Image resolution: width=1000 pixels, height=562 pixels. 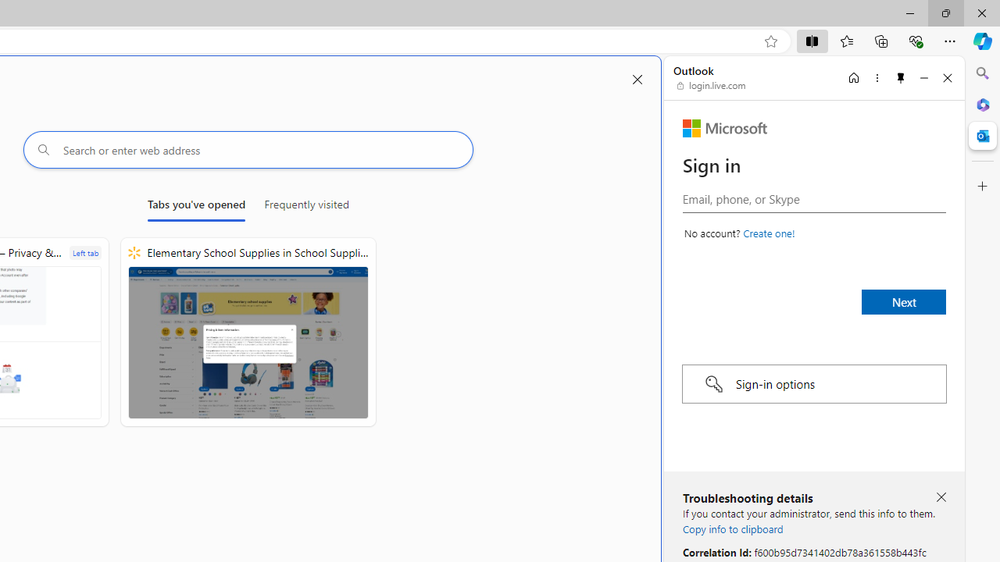 I want to click on 'Close troubleshooting details', so click(x=941, y=497).